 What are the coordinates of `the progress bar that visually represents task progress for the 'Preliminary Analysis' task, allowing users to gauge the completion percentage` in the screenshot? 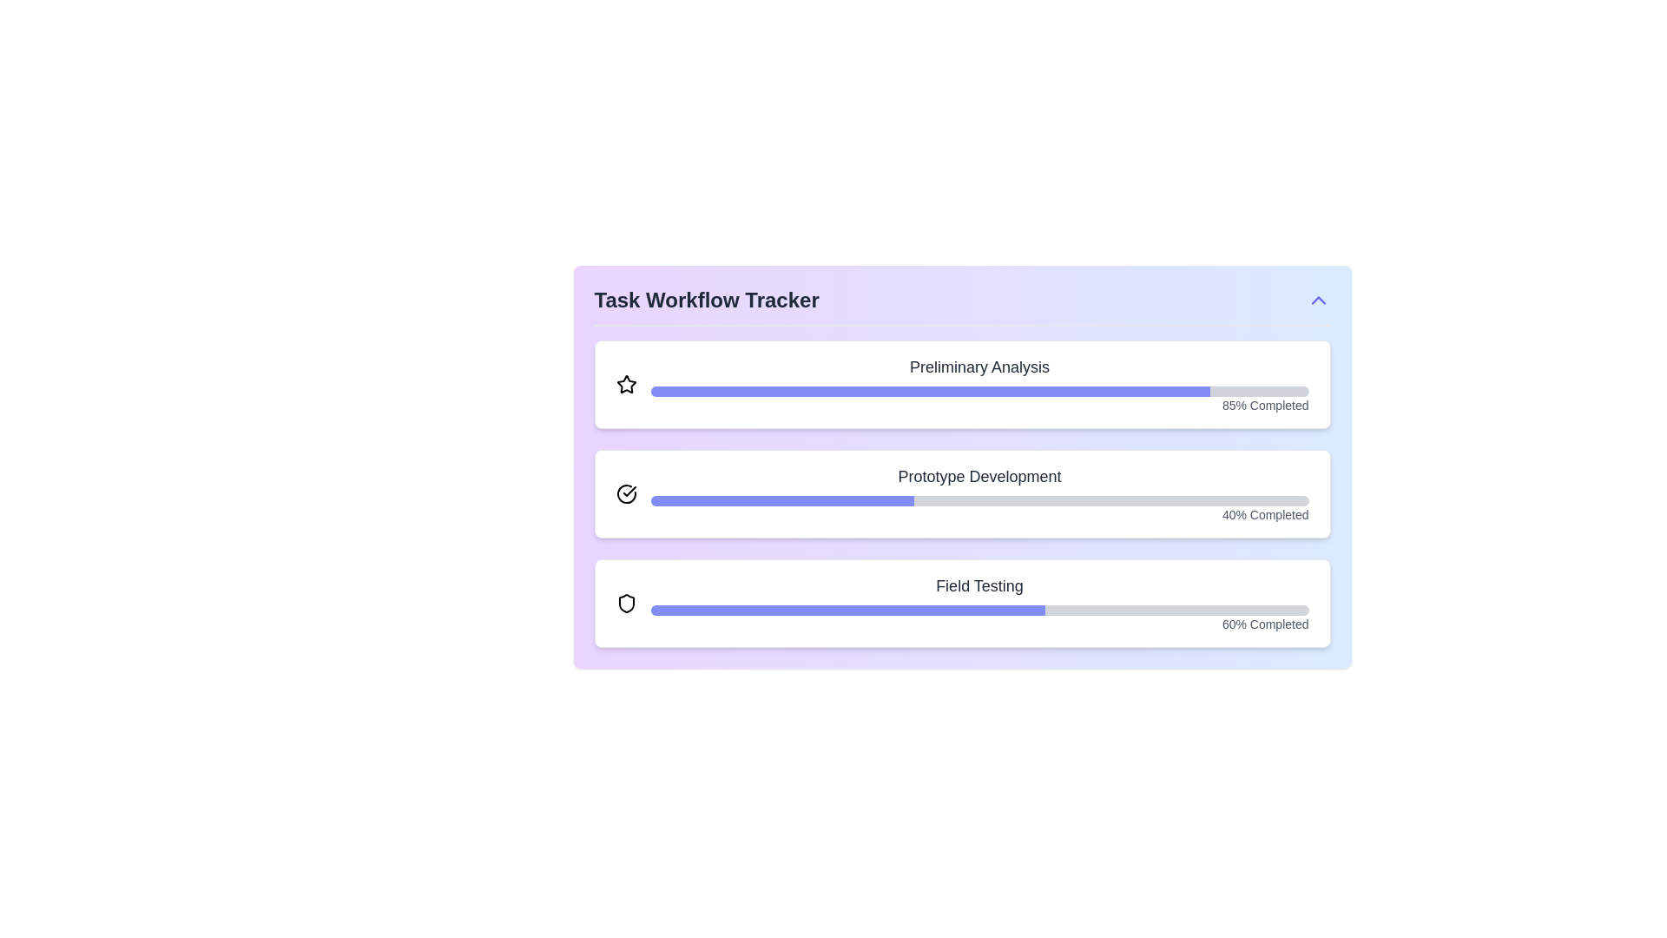 It's located at (979, 392).